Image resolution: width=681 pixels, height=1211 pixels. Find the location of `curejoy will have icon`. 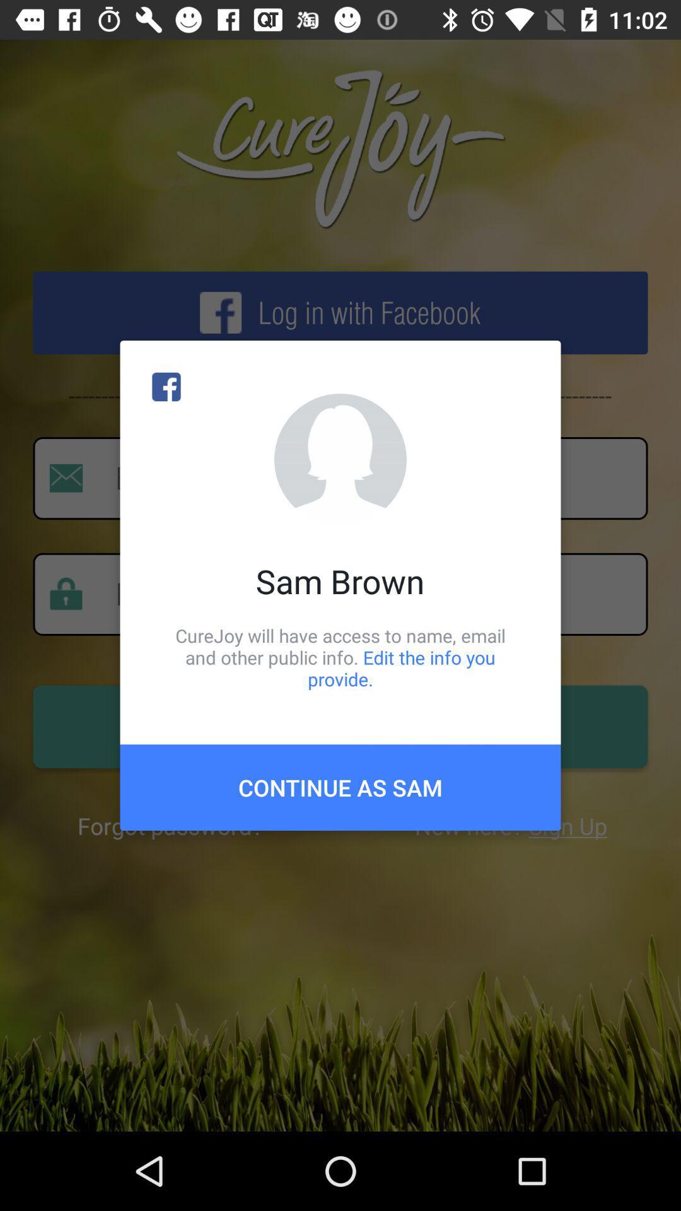

curejoy will have icon is located at coordinates (340, 657).